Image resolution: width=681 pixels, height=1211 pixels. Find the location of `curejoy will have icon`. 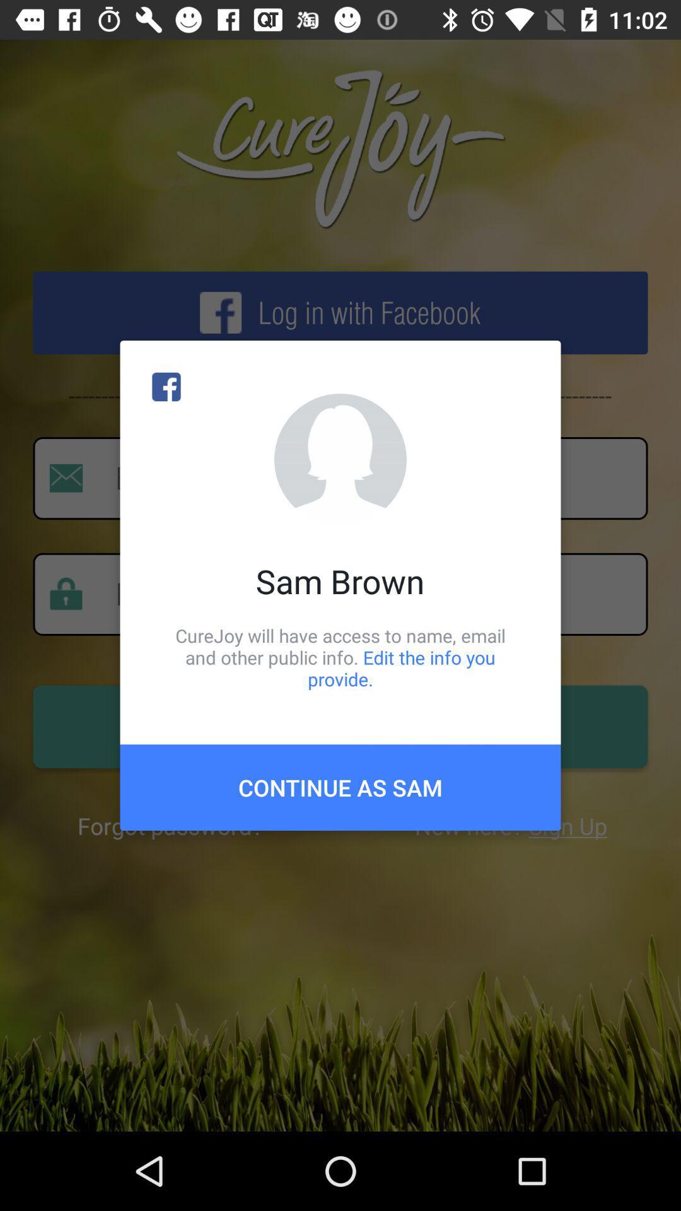

curejoy will have icon is located at coordinates (340, 657).